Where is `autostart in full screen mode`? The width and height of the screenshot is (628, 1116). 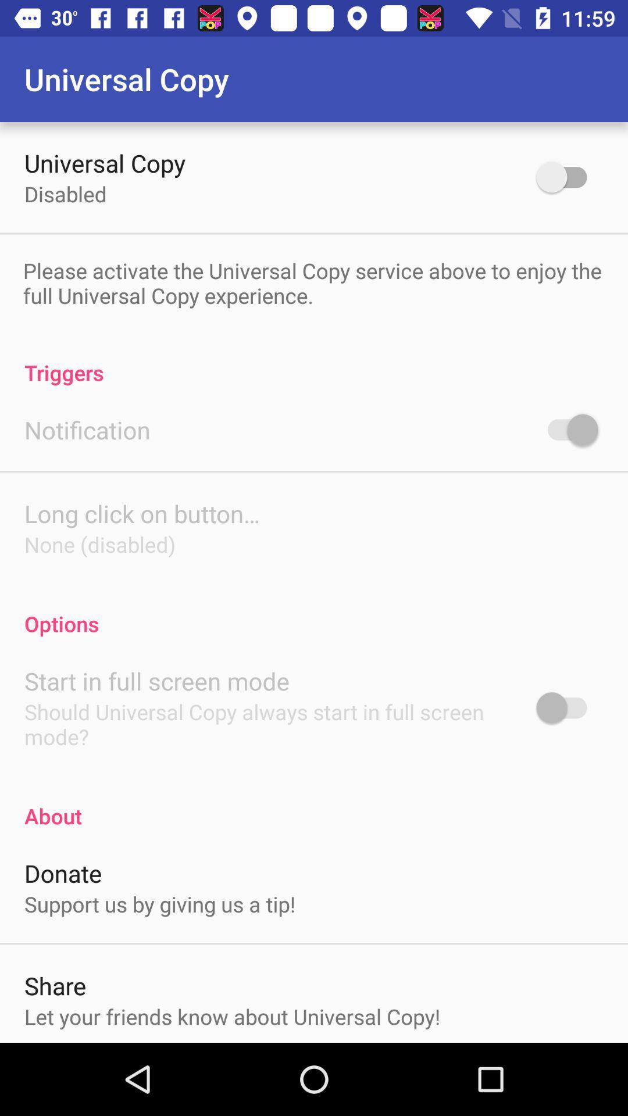
autostart in full screen mode is located at coordinates (566, 707).